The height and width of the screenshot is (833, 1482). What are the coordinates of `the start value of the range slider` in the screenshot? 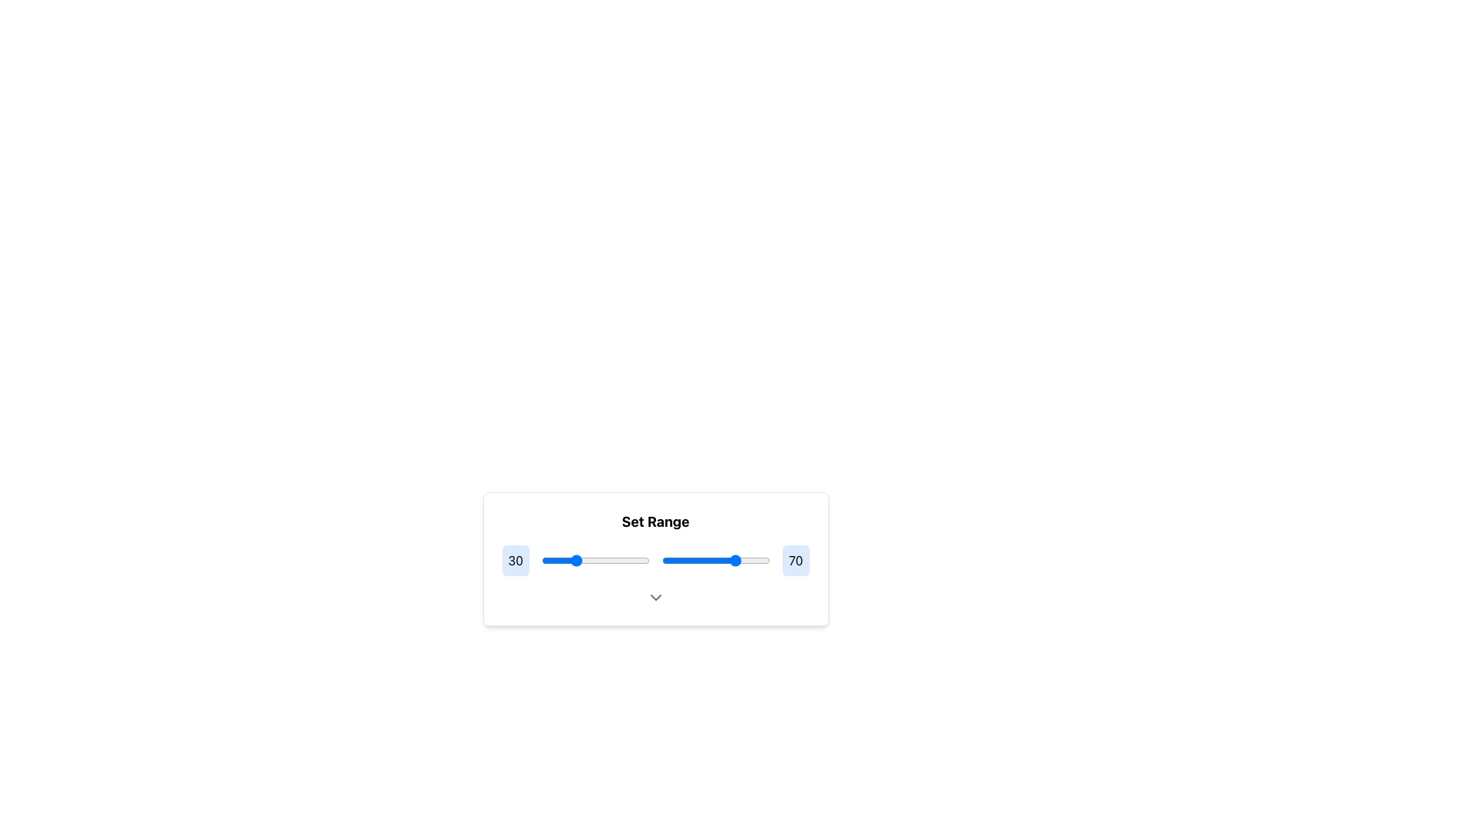 It's located at (637, 560).